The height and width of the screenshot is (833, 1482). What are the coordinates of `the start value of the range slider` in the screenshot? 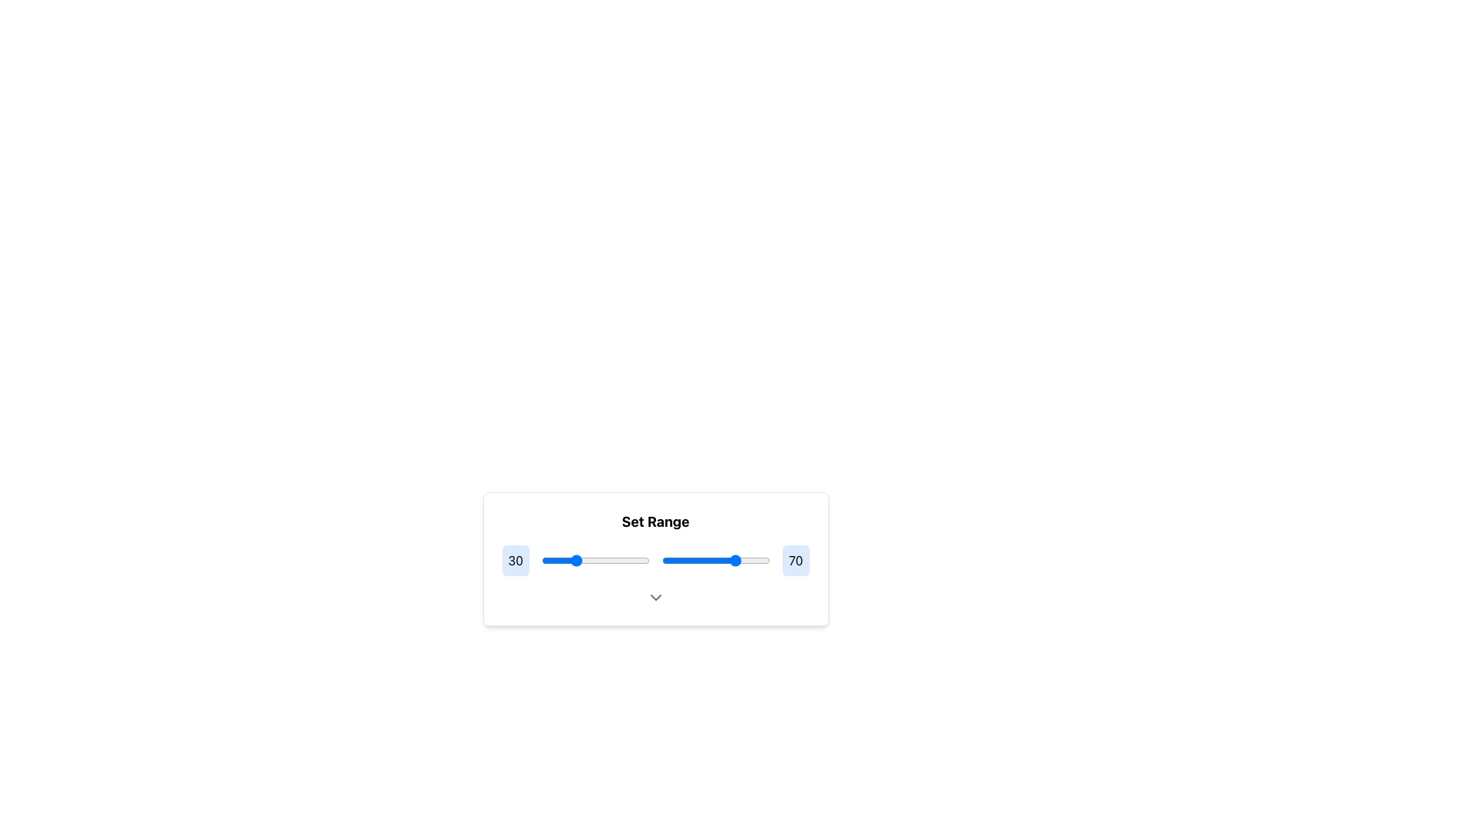 It's located at (637, 560).